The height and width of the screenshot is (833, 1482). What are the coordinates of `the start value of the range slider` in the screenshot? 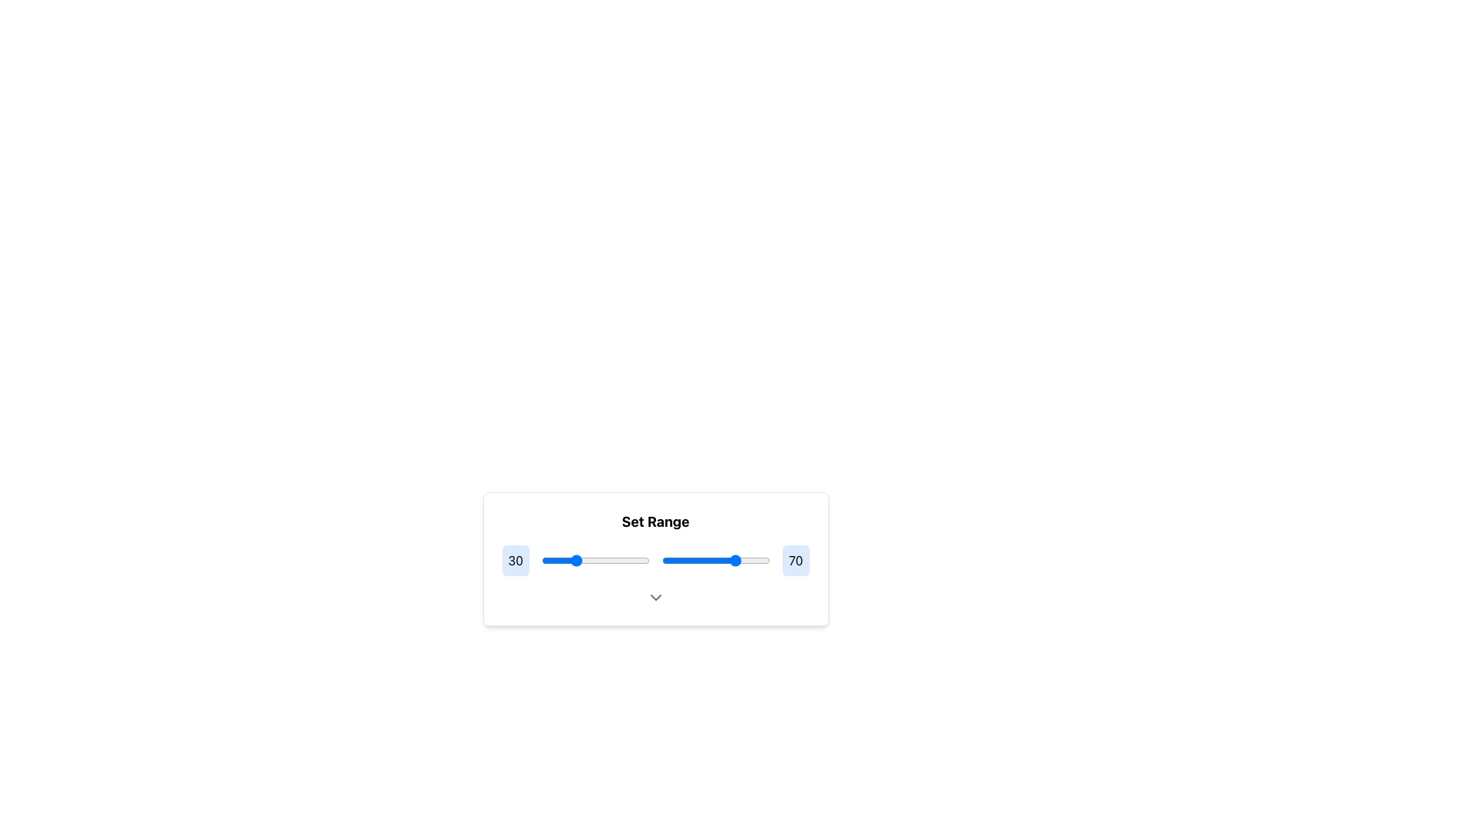 It's located at (637, 560).